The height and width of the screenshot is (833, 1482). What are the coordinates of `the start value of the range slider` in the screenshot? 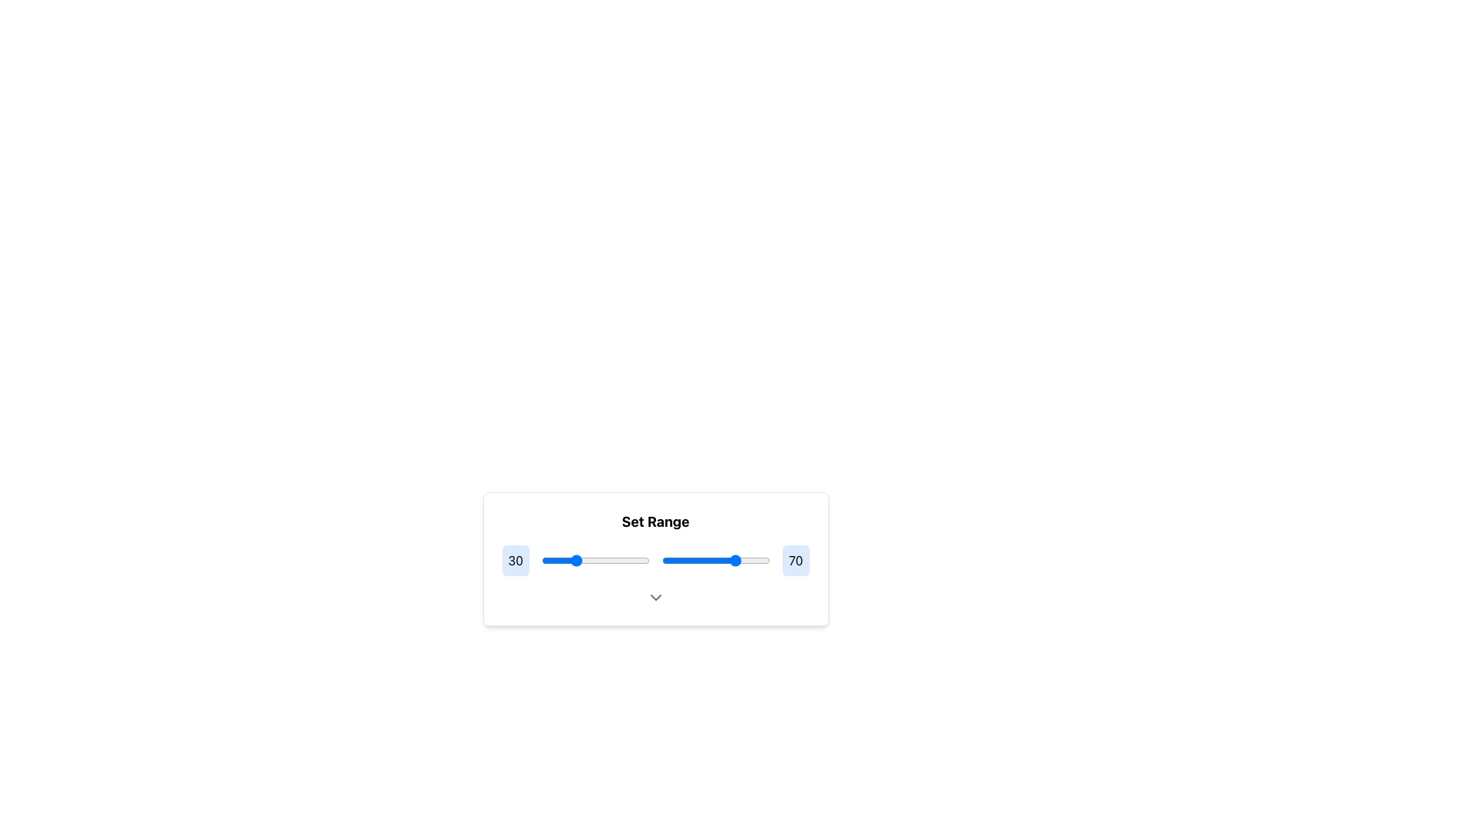 It's located at (637, 560).